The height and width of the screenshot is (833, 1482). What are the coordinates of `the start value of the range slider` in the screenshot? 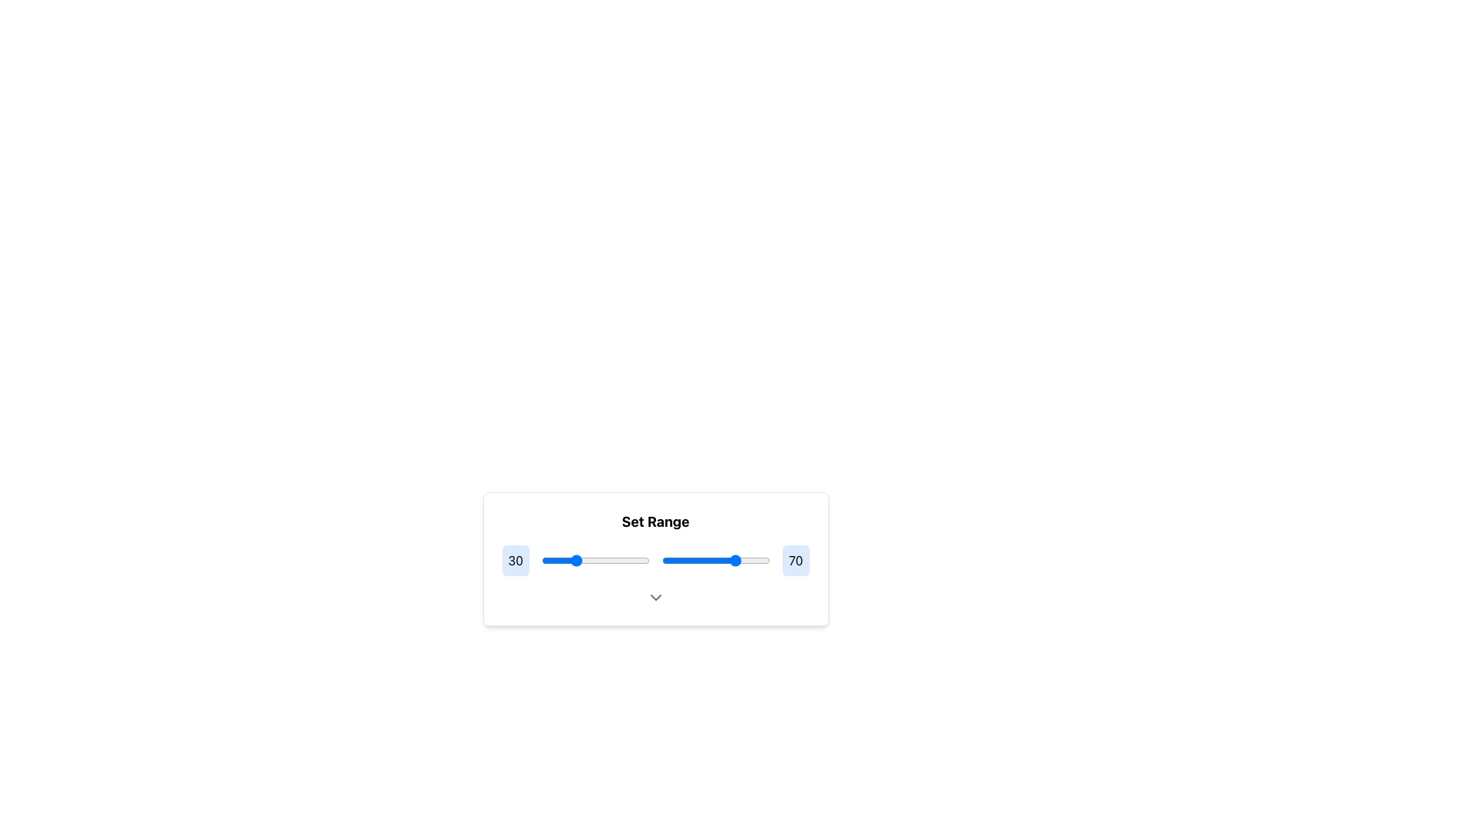 It's located at (637, 560).